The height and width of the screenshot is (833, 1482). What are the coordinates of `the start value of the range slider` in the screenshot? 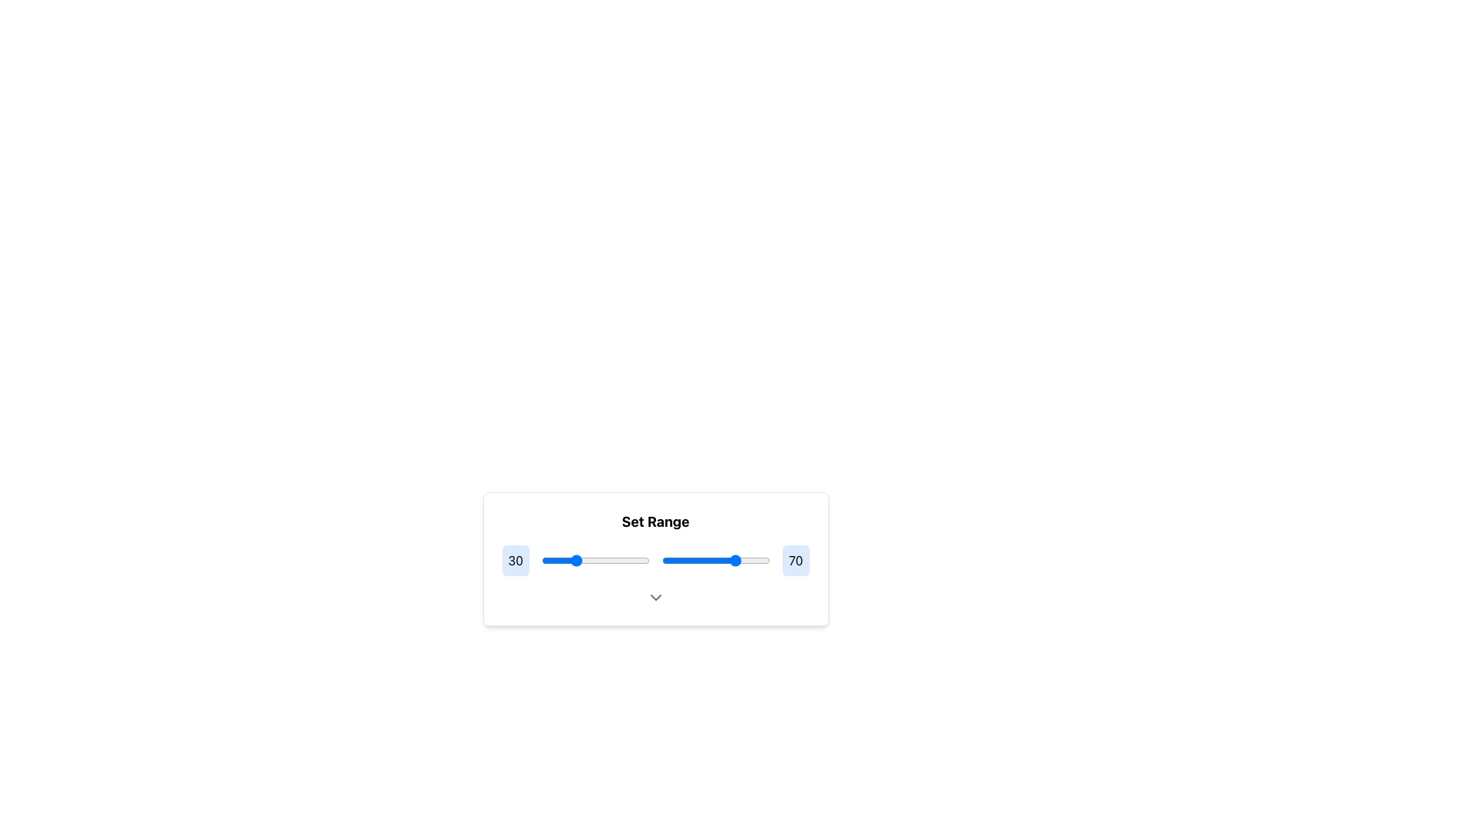 It's located at (637, 560).